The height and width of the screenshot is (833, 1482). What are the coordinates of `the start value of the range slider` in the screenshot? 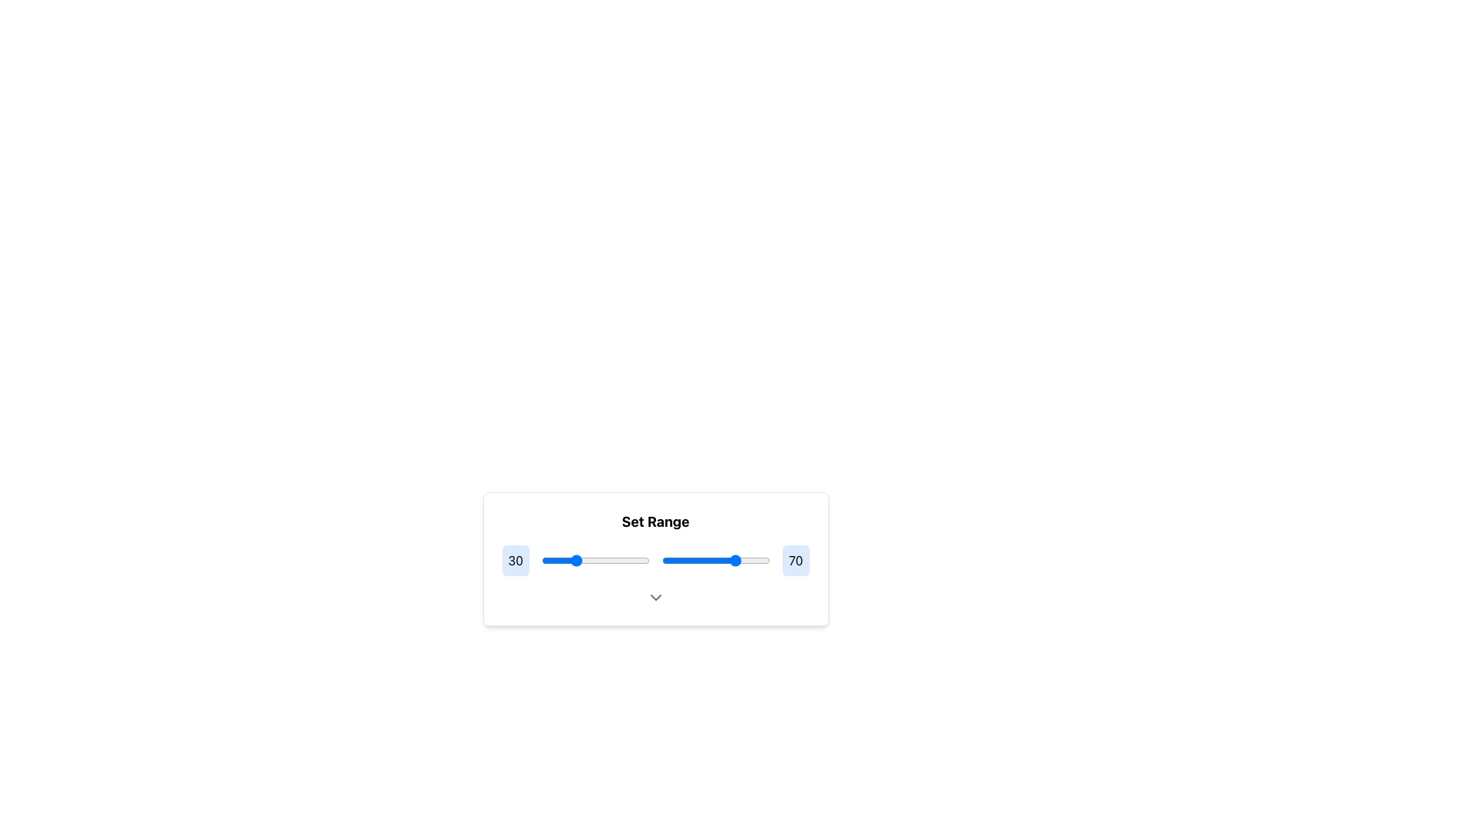 It's located at (637, 560).